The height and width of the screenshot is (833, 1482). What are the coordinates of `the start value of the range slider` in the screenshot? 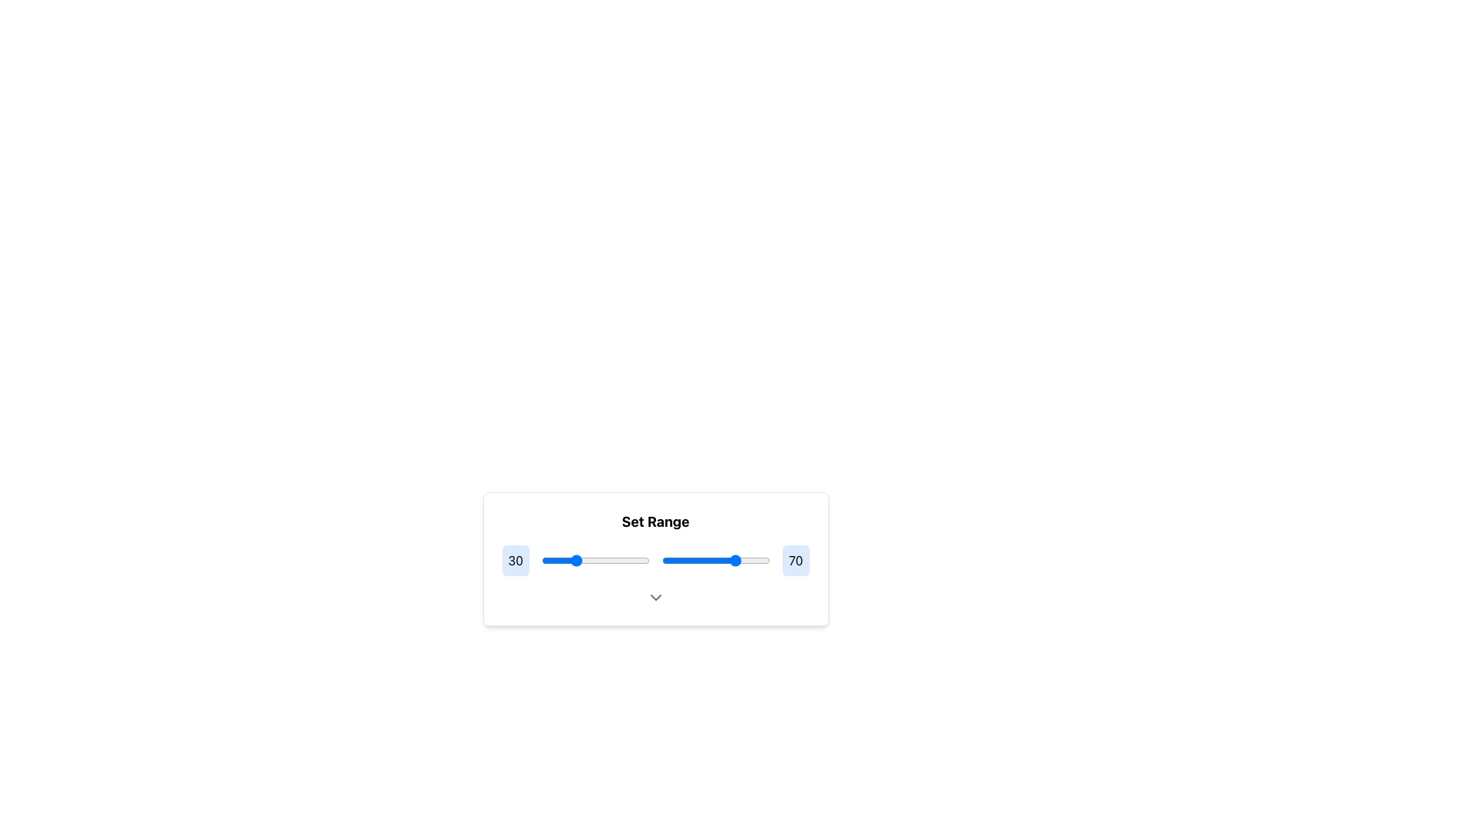 It's located at (637, 560).